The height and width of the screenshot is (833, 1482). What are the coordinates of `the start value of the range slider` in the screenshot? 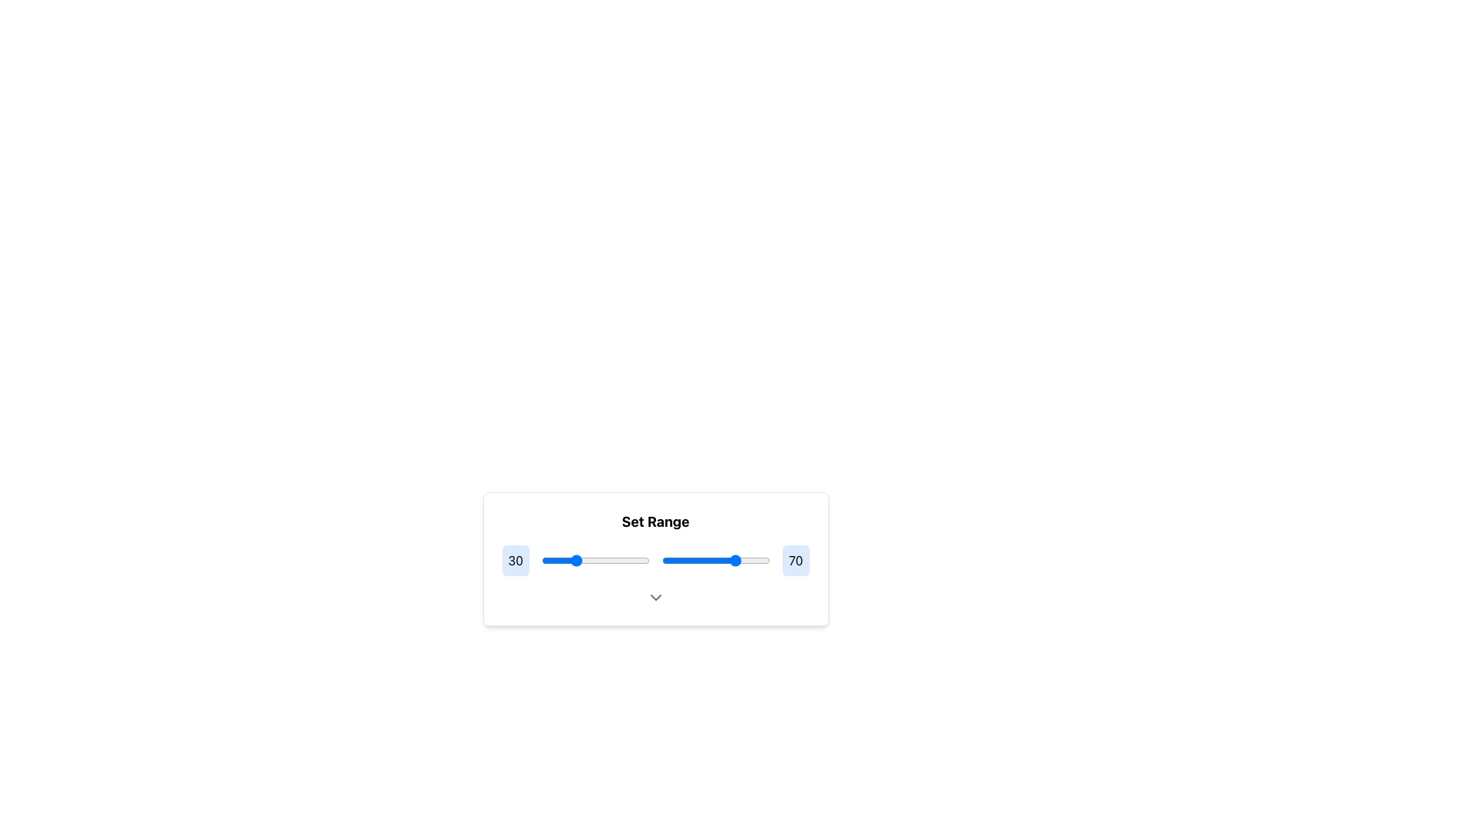 It's located at (637, 560).